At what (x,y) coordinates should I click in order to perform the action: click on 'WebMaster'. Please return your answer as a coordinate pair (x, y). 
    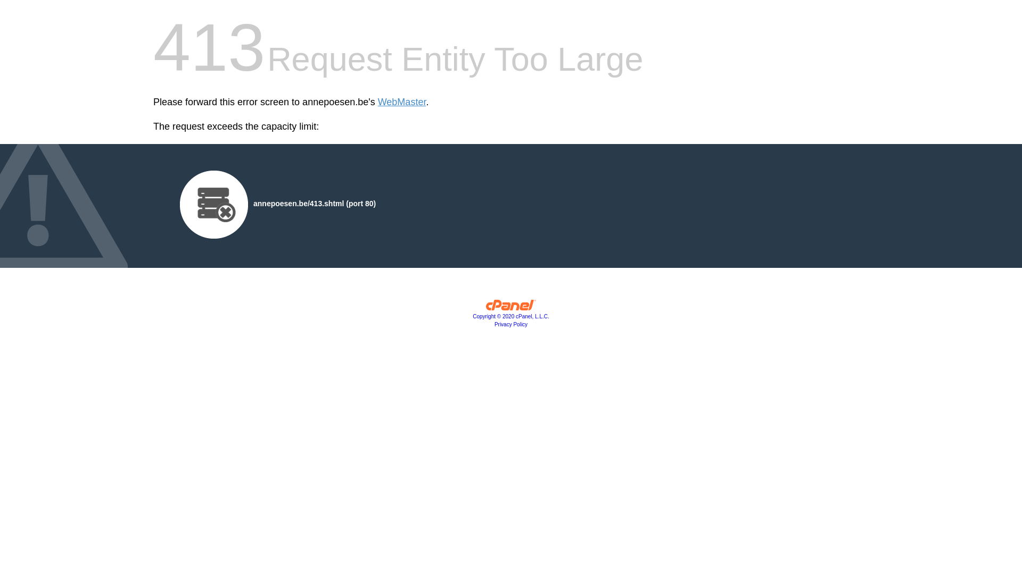
    Looking at the image, I should click on (401, 102).